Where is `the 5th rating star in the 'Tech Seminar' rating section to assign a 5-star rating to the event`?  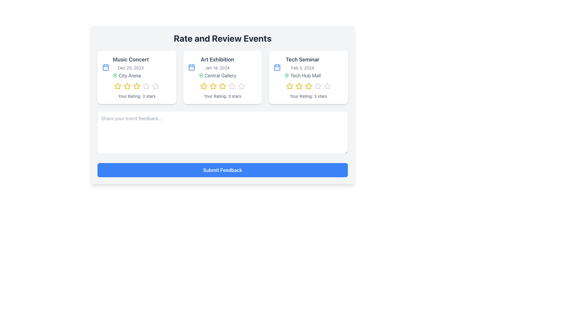
the 5th rating star in the 'Tech Seminar' rating section to assign a 5-star rating to the event is located at coordinates (327, 86).